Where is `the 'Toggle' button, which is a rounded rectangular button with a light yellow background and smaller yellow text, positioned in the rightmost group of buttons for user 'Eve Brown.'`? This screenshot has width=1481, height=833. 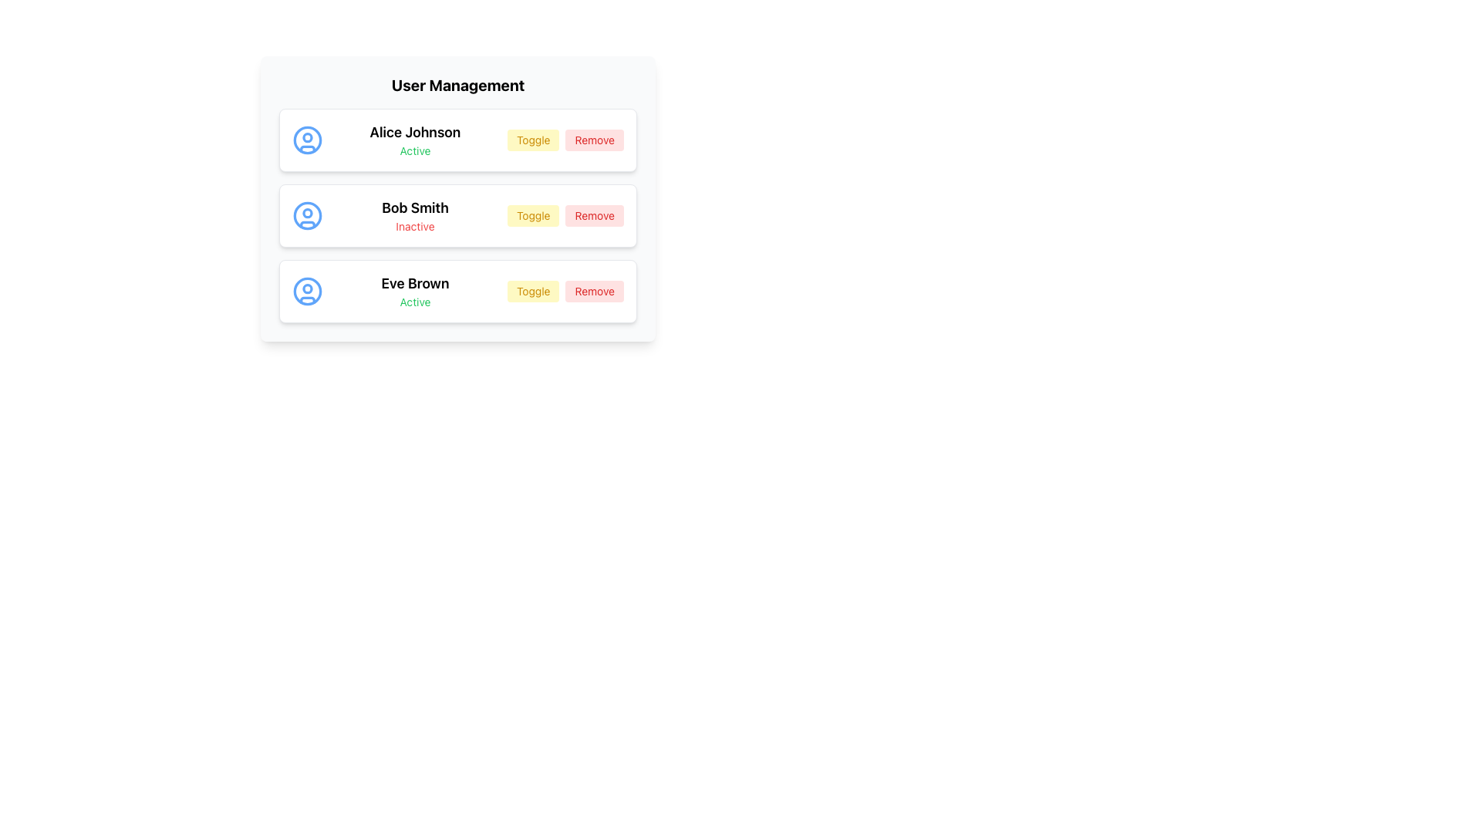
the 'Toggle' button, which is a rounded rectangular button with a light yellow background and smaller yellow text, positioned in the rightmost group of buttons for user 'Eve Brown.' is located at coordinates (533, 292).